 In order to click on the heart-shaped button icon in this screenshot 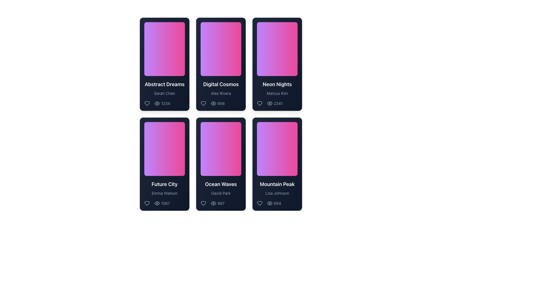, I will do `click(259, 203)`.